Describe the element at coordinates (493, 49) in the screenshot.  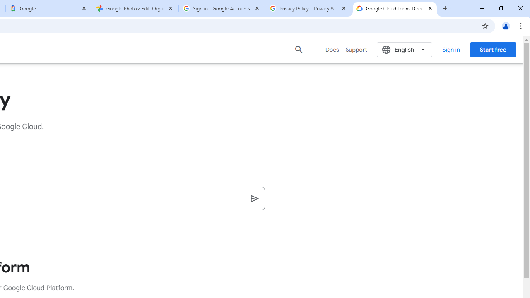
I see `'Start free'` at that location.